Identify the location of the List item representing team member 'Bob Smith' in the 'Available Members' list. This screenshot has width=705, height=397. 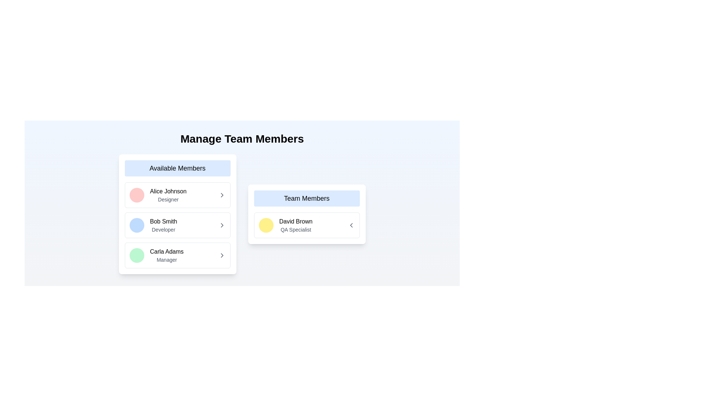
(177, 225).